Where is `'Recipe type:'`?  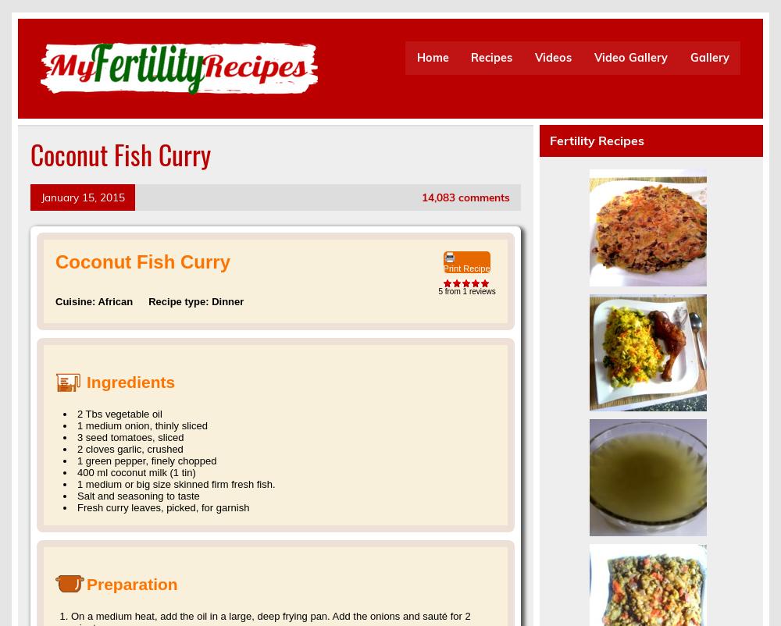 'Recipe type:' is located at coordinates (179, 300).